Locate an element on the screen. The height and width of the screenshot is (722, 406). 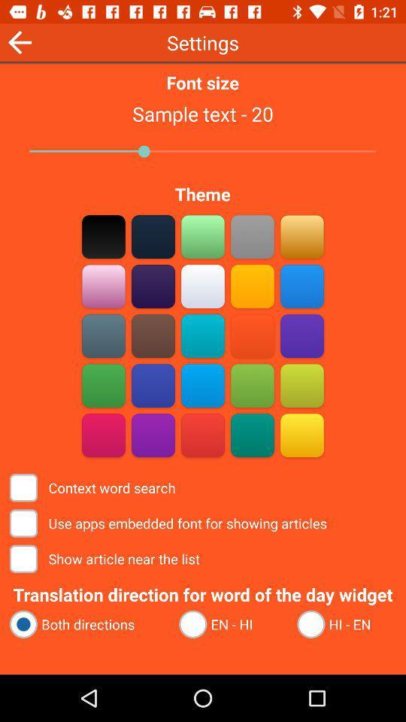
tan is located at coordinates (203, 286).